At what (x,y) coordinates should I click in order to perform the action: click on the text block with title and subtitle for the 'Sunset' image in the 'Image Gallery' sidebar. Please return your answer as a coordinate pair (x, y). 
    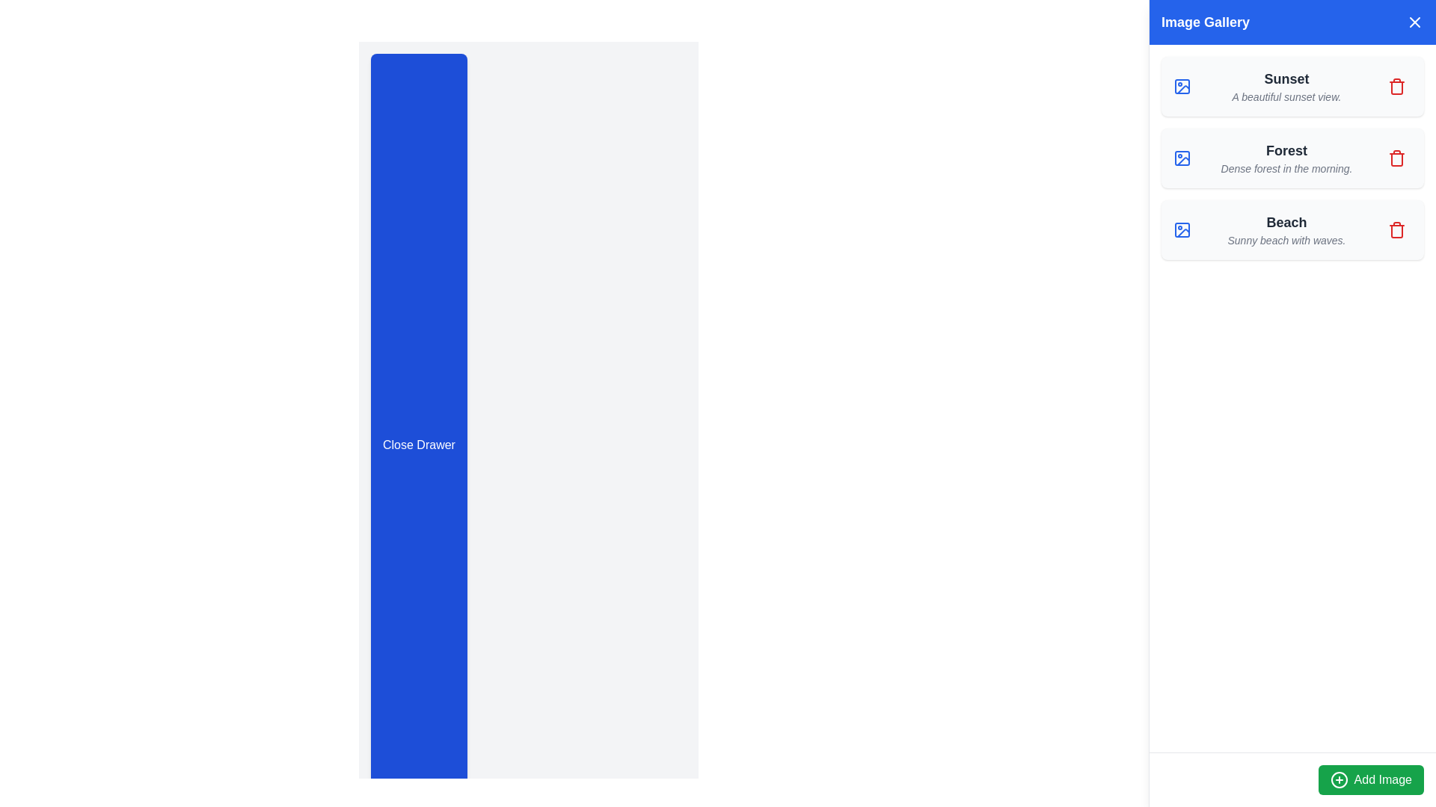
    Looking at the image, I should click on (1286, 86).